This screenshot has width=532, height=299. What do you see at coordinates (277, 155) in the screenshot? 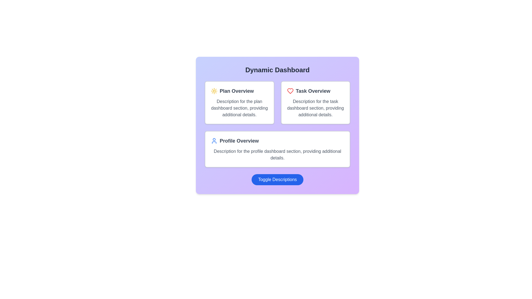
I see `the Text label that provides supplementary information about the 'Profile Overview' section in the dashboard interface, located inside the 'Profile Overview' card` at bounding box center [277, 155].